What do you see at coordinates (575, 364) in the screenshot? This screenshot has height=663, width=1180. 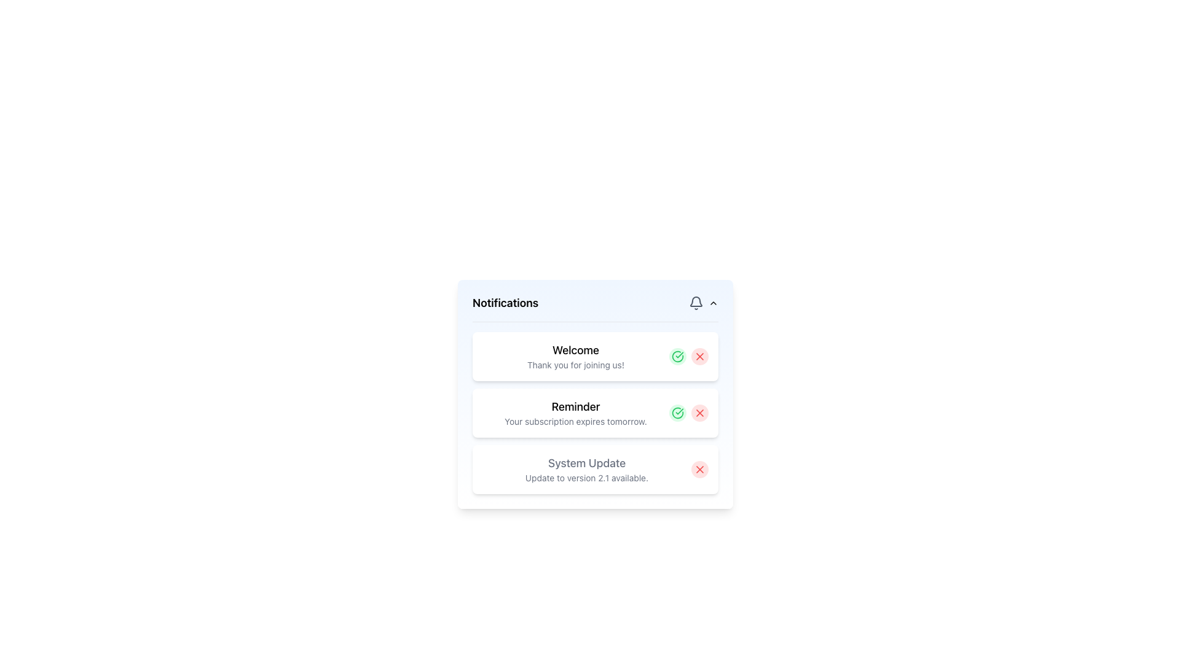 I see `the text label displaying 'Thank you for joining us!', which is positioned beneath the 'Welcome' heading` at bounding box center [575, 364].